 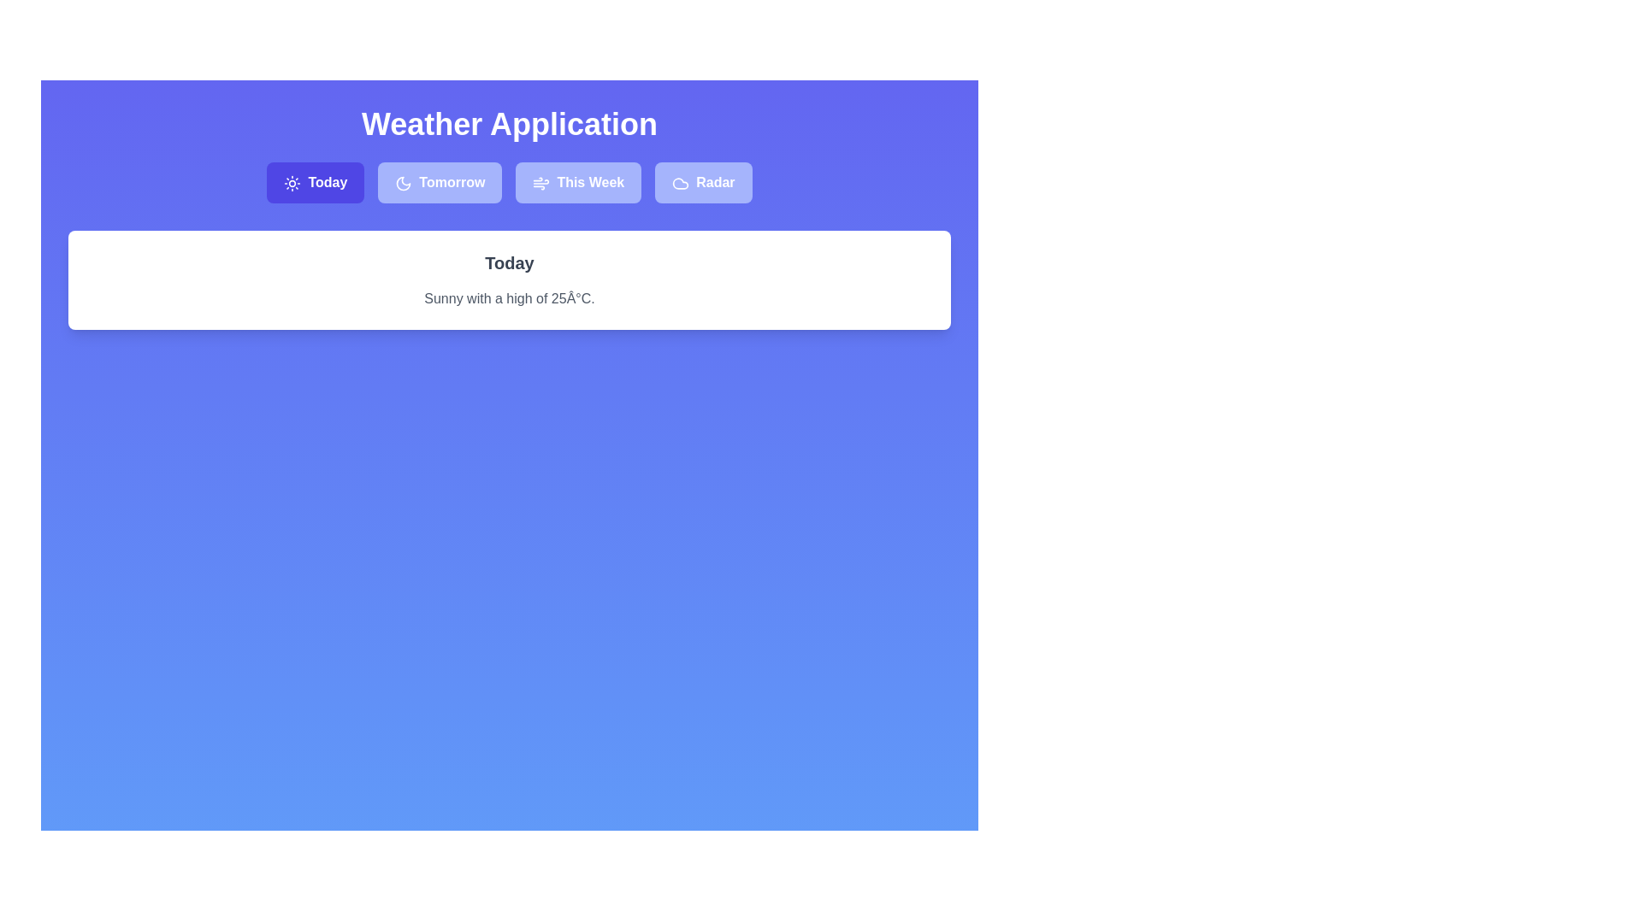 I want to click on the This Week tab by clicking on its button, so click(x=578, y=182).